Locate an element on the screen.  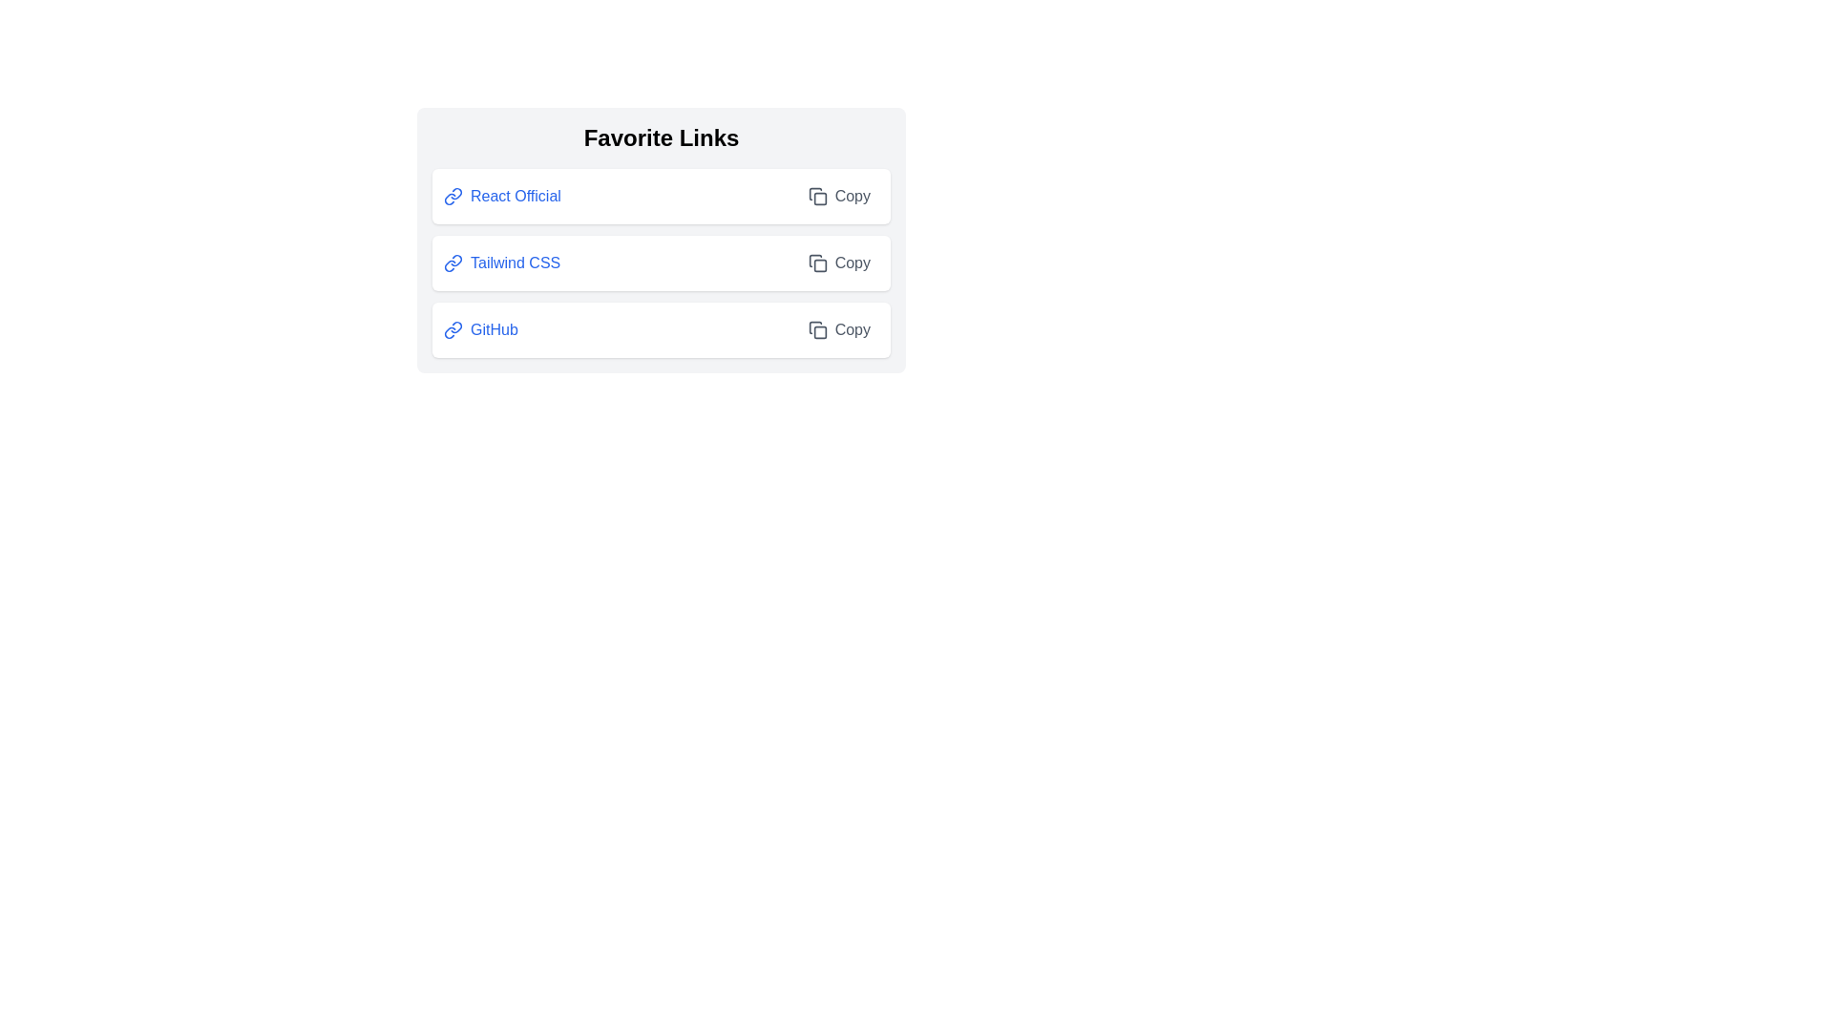
the 'Copy' button with a light gray background and overlapping documents icon, located to the right of the 'GitHub' text in the 'Favorite Links' section is located at coordinates (838, 329).